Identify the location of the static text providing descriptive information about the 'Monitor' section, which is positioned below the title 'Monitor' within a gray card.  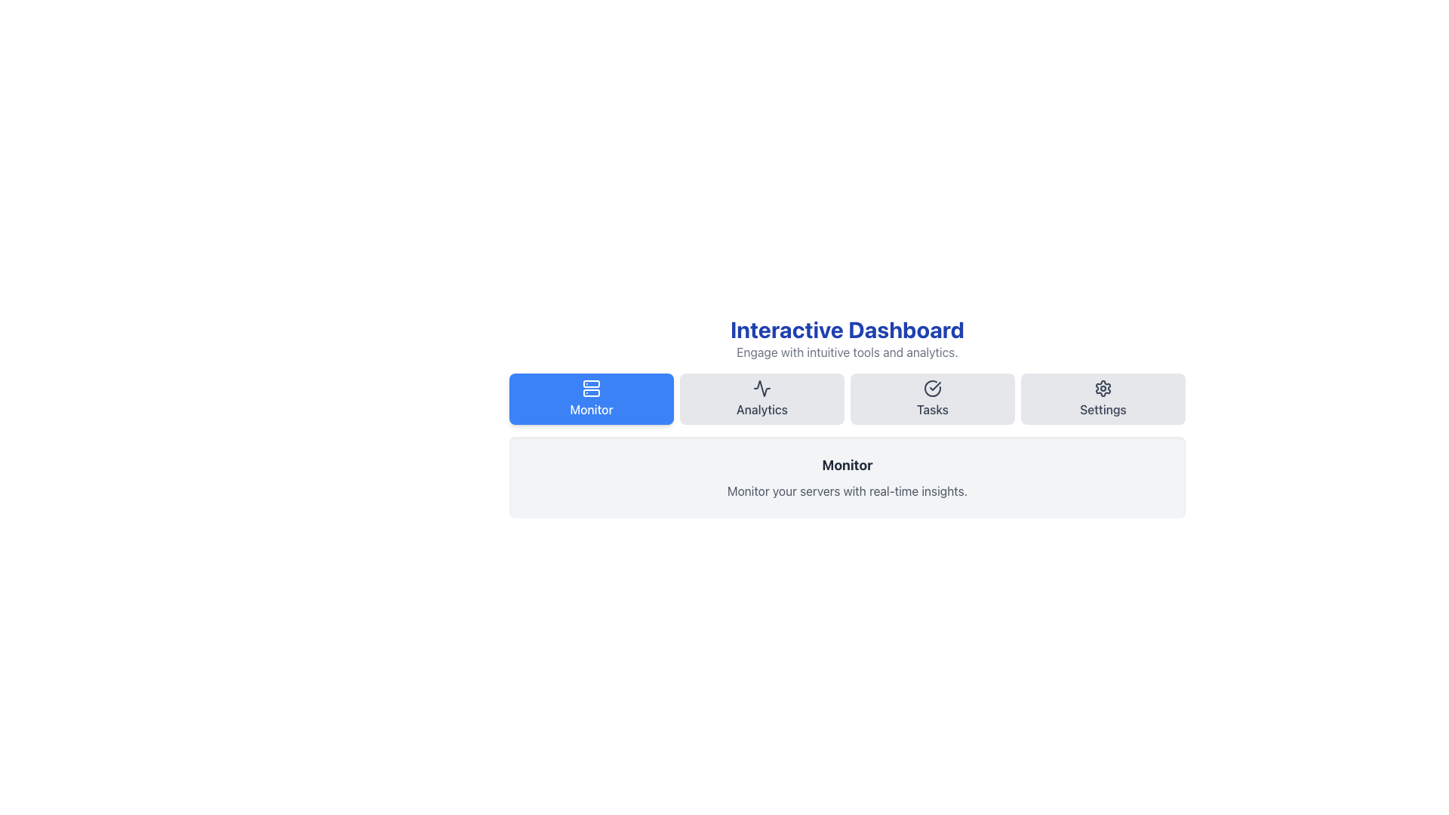
(848, 491).